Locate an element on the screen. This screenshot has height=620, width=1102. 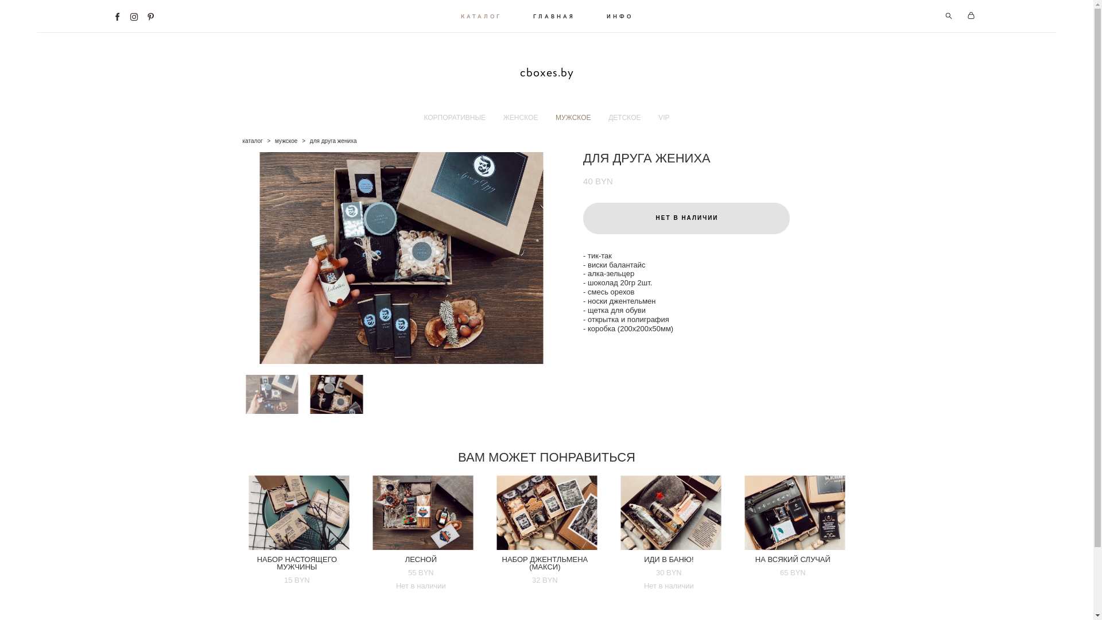
'cboxes.by' is located at coordinates (546, 73).